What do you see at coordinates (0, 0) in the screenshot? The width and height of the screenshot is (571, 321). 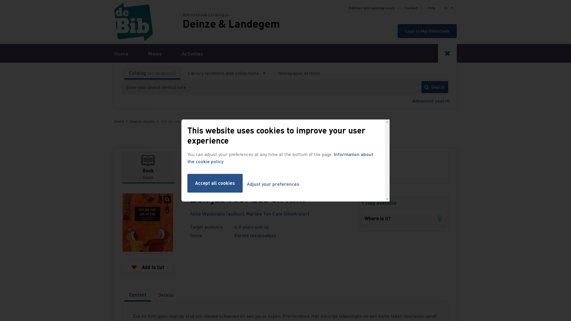 I see `'Skip to search'` at bounding box center [0, 0].